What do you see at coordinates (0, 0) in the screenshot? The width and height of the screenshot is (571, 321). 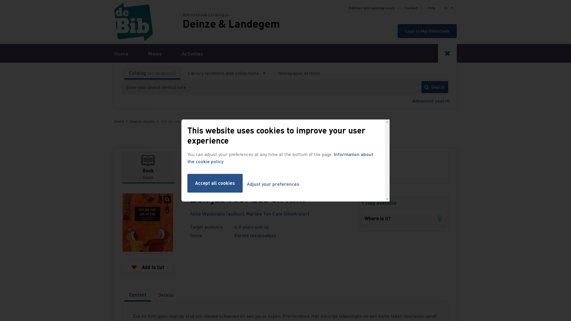 I see `'Skip to search'` at bounding box center [0, 0].